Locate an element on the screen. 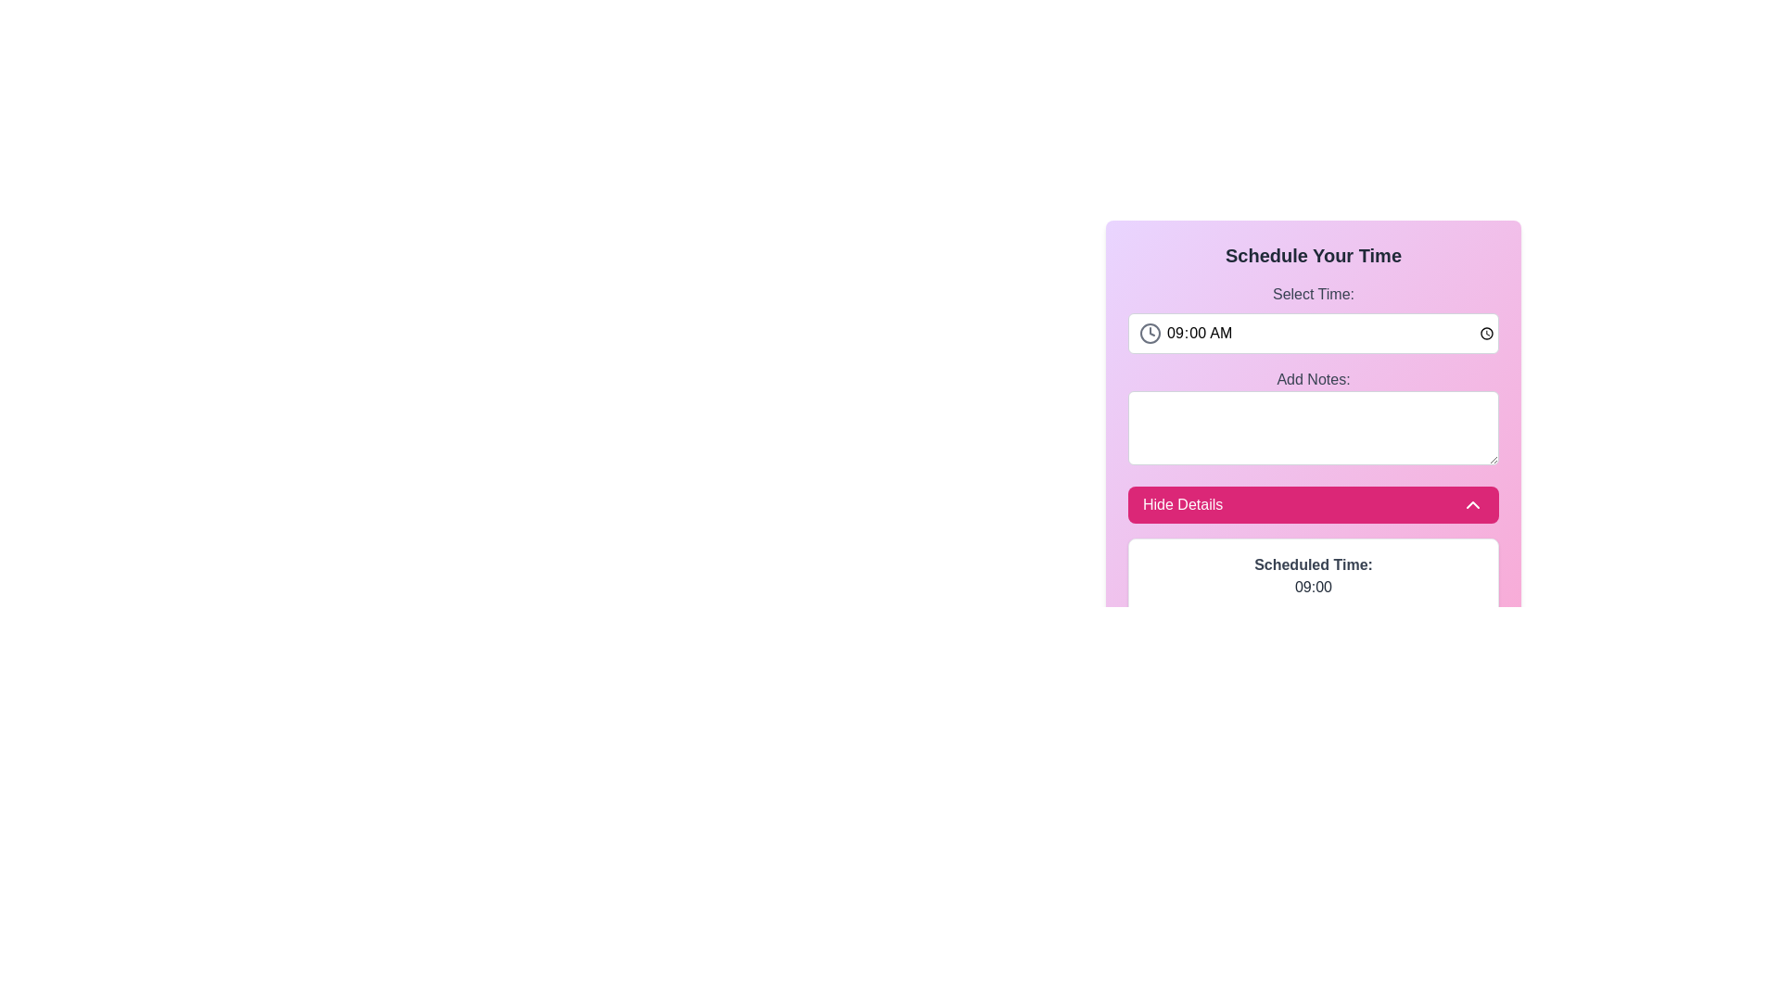  the icon or decorative image located on the left side of the time input field, which symbolizes the purpose of the adjacent input field for time selection is located at coordinates (1150, 332).